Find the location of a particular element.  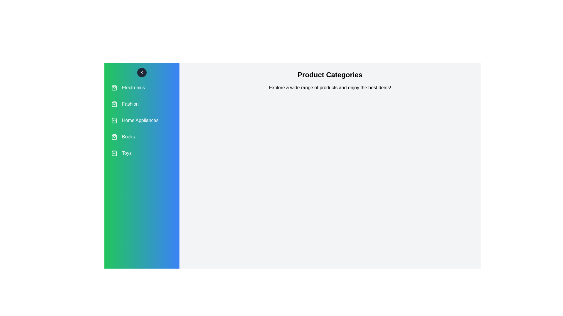

the category Fashion is located at coordinates (142, 104).